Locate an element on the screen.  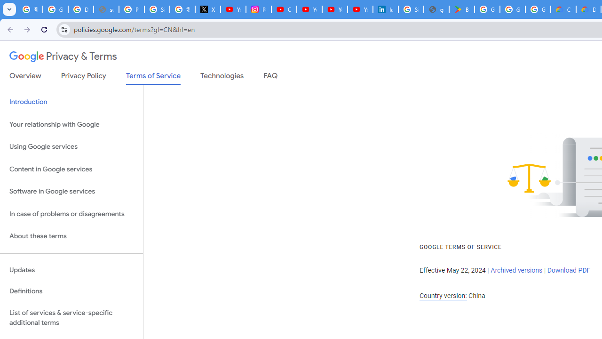
'Definitions' is located at coordinates (71, 291).